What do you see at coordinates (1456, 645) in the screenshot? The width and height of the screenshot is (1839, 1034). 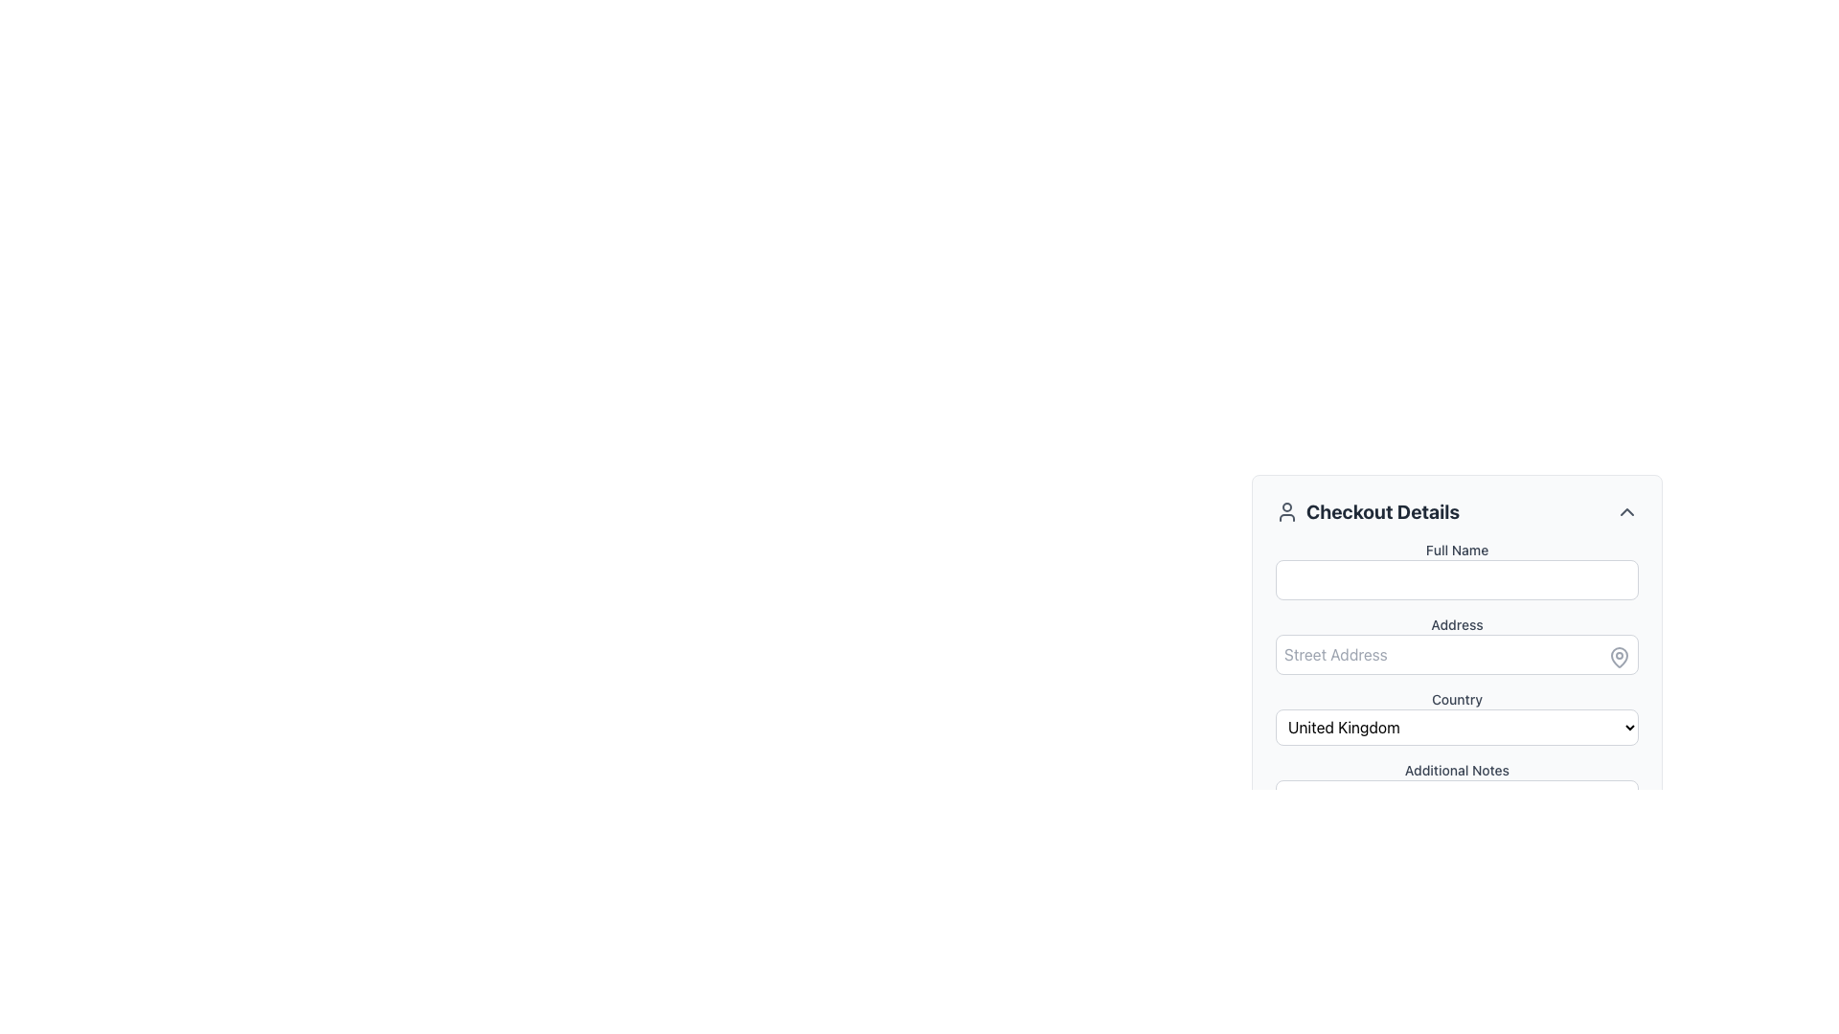 I see `the labeled input field for 'Address' to focus for typing` at bounding box center [1456, 645].